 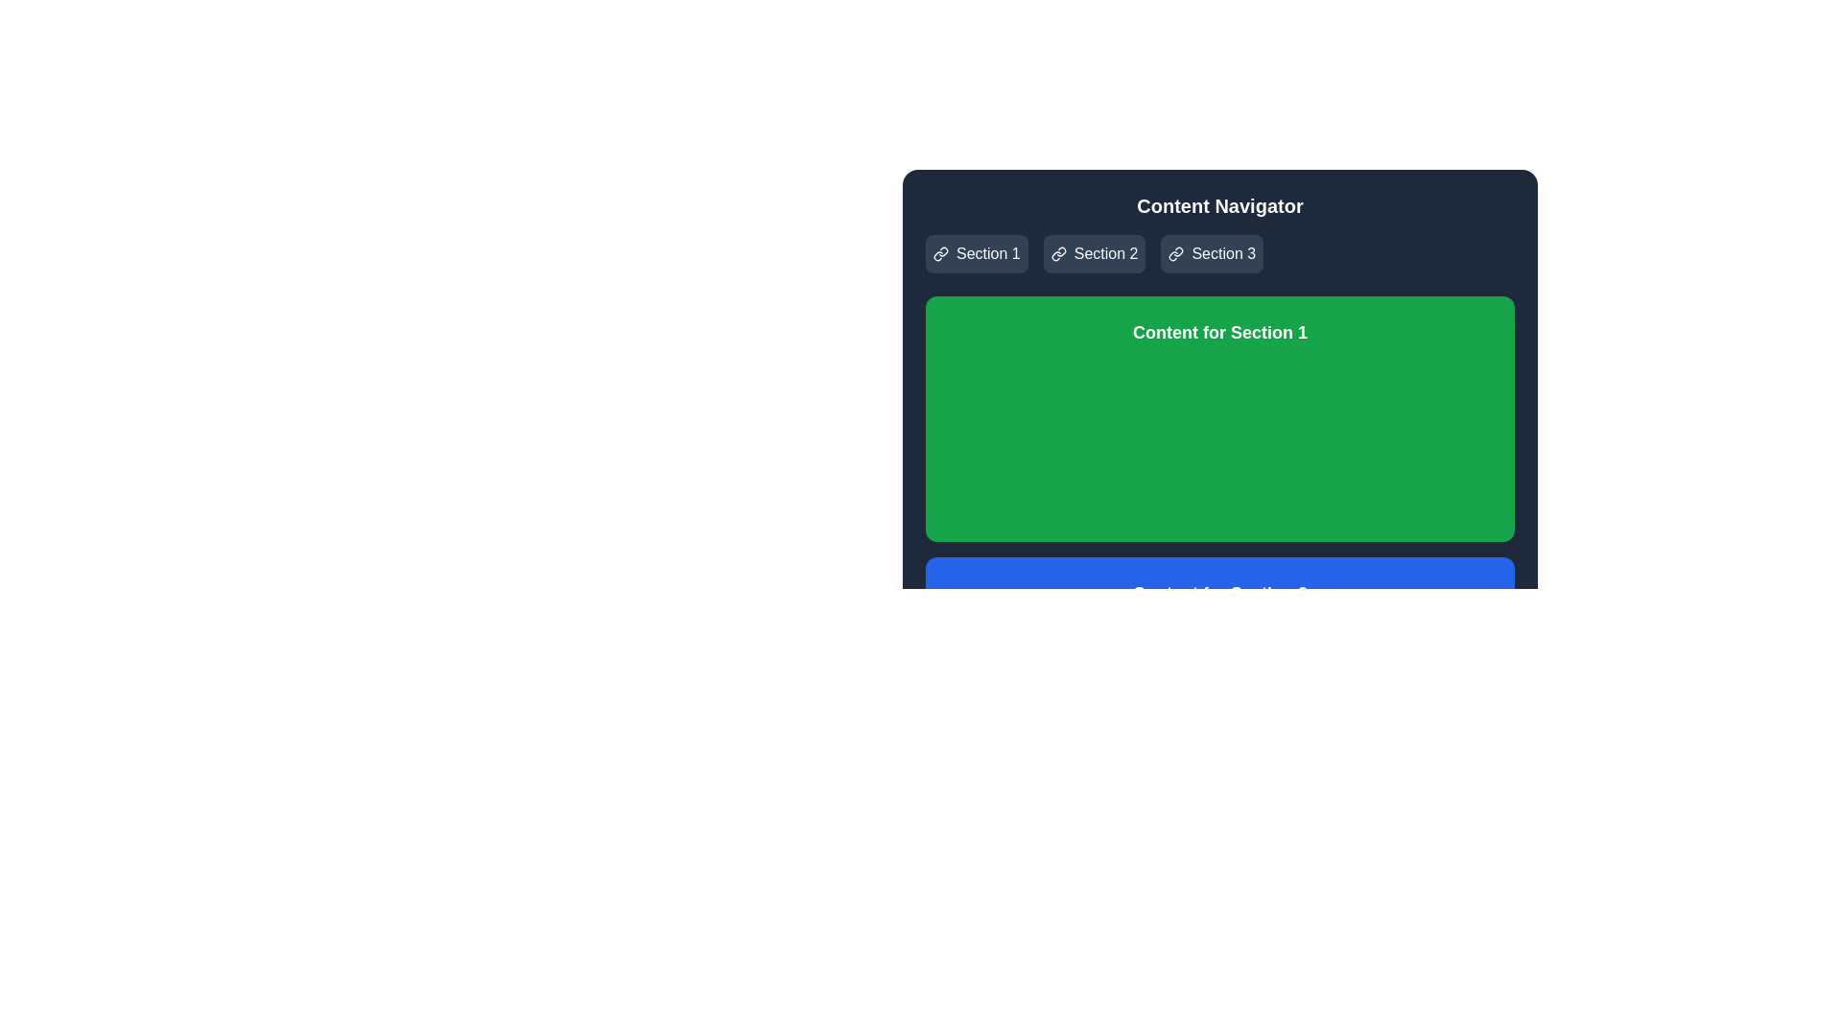 What do you see at coordinates (1178, 250) in the screenshot?
I see `the chain link icon graphic located within the 'Section 3' button in the header of the interface` at bounding box center [1178, 250].